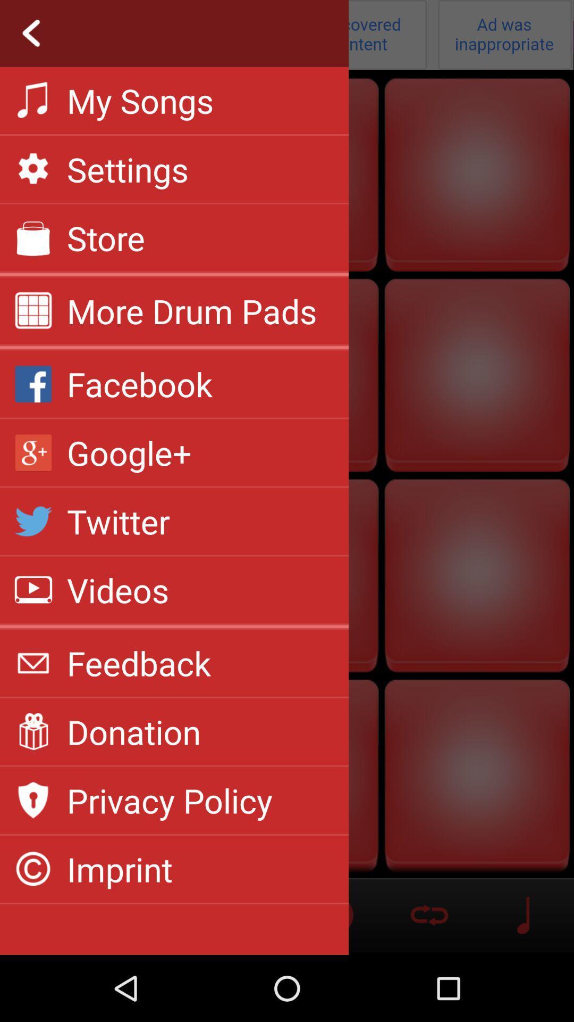 Image resolution: width=574 pixels, height=1022 pixels. Describe the element at coordinates (287, 35) in the screenshot. I see `settings` at that location.